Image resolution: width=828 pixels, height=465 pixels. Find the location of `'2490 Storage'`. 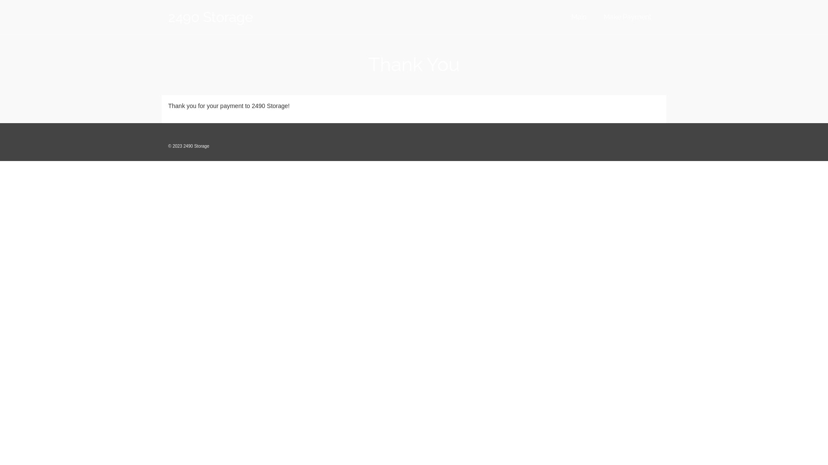

'2490 Storage' is located at coordinates (245, 17).